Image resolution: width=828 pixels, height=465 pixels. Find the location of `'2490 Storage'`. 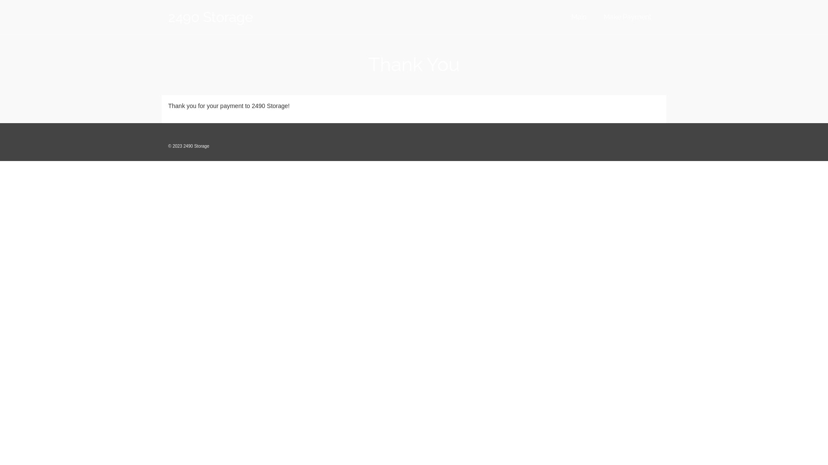

'2490 Storage' is located at coordinates (245, 17).